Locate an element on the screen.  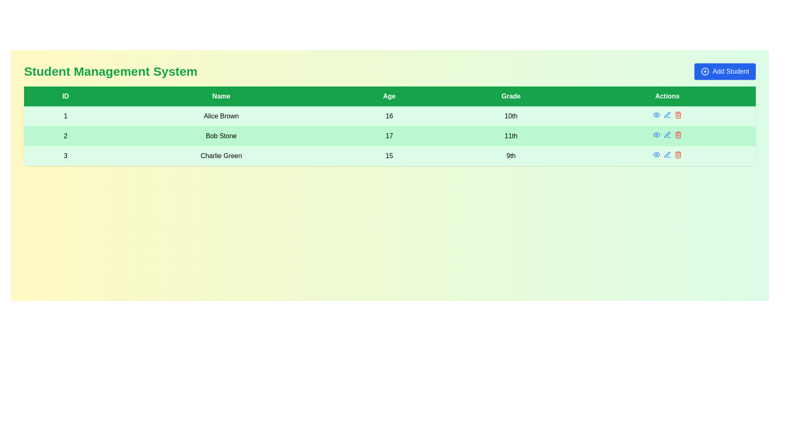
the numerical text component displaying the value '17' in black font, located in the second row of the table under the 'Age' column, which has a light green background is located at coordinates (389, 135).